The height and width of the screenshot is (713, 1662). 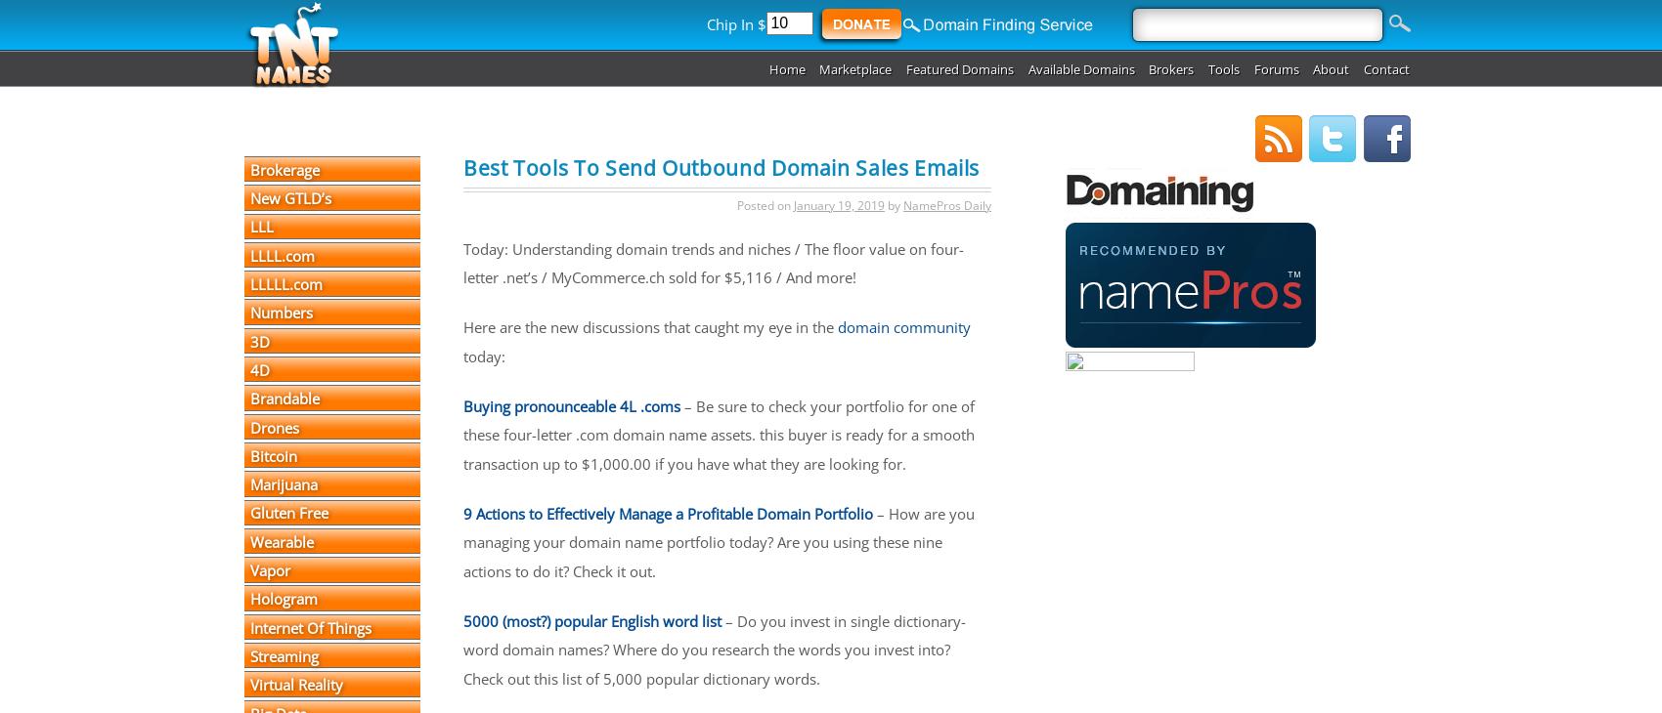 What do you see at coordinates (1331, 67) in the screenshot?
I see `'About'` at bounding box center [1331, 67].